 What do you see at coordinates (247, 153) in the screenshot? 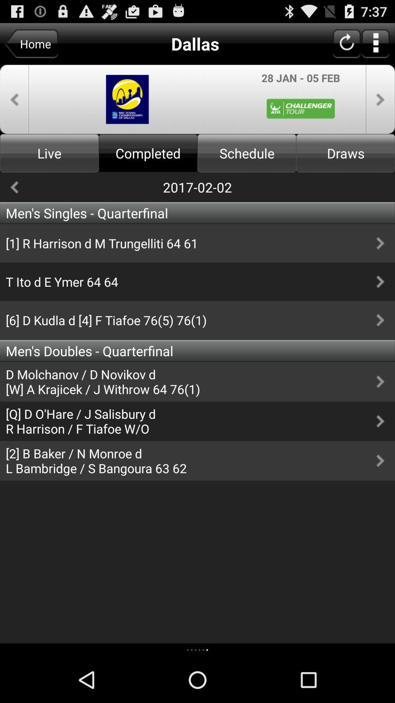
I see `the button which is next to the completed` at bounding box center [247, 153].